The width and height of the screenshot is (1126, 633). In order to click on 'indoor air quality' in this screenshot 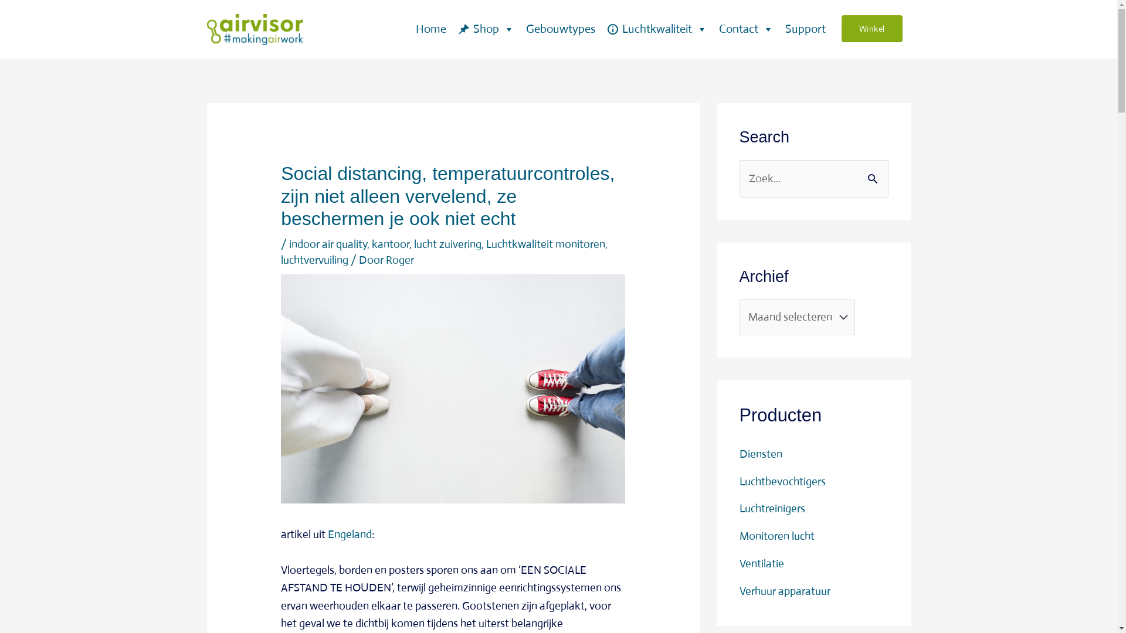, I will do `click(328, 243)`.